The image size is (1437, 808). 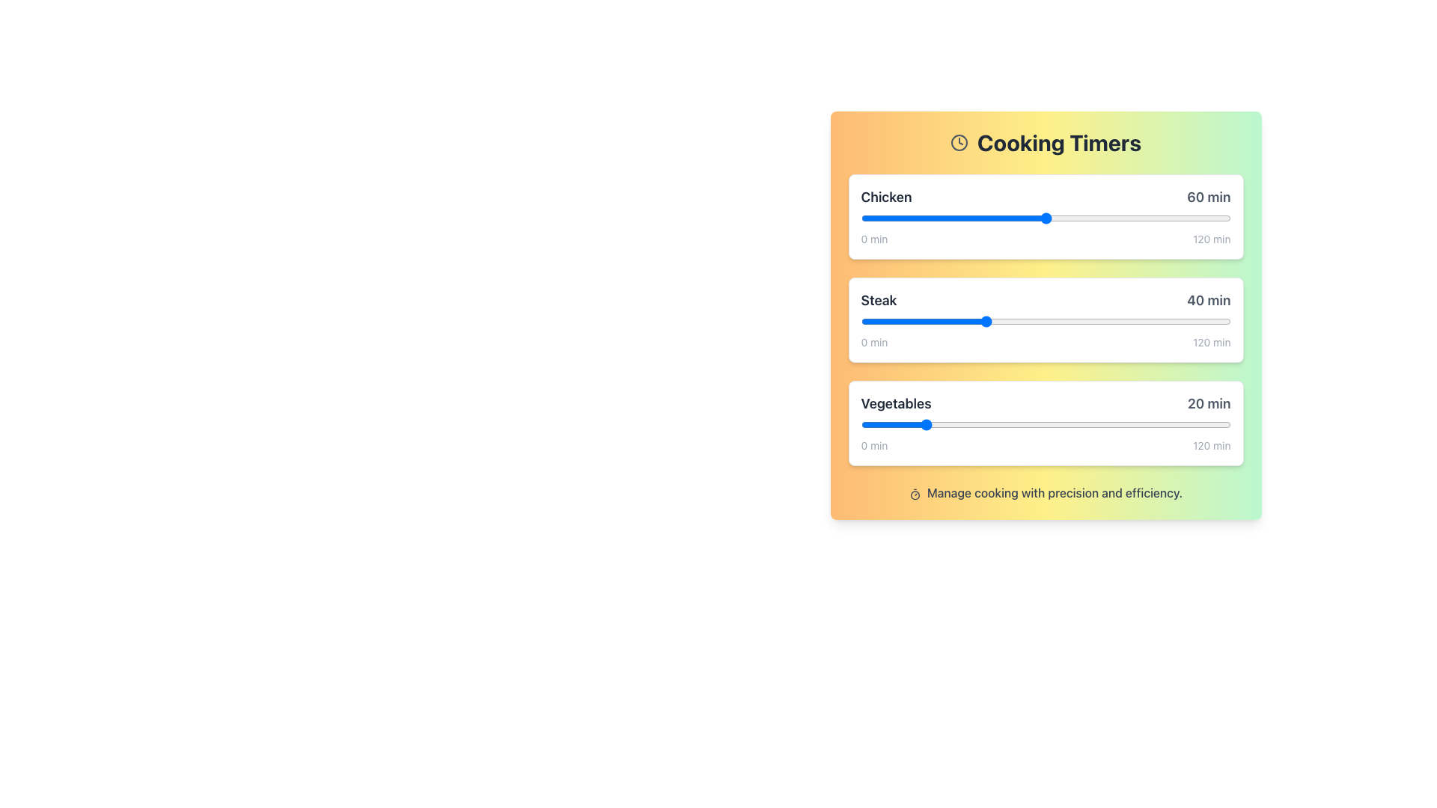 I want to click on the 'Vegetables' label with a duration of '20 min', which is positioned at the top part of the group's content, adjacent to the slider, so click(x=1045, y=404).